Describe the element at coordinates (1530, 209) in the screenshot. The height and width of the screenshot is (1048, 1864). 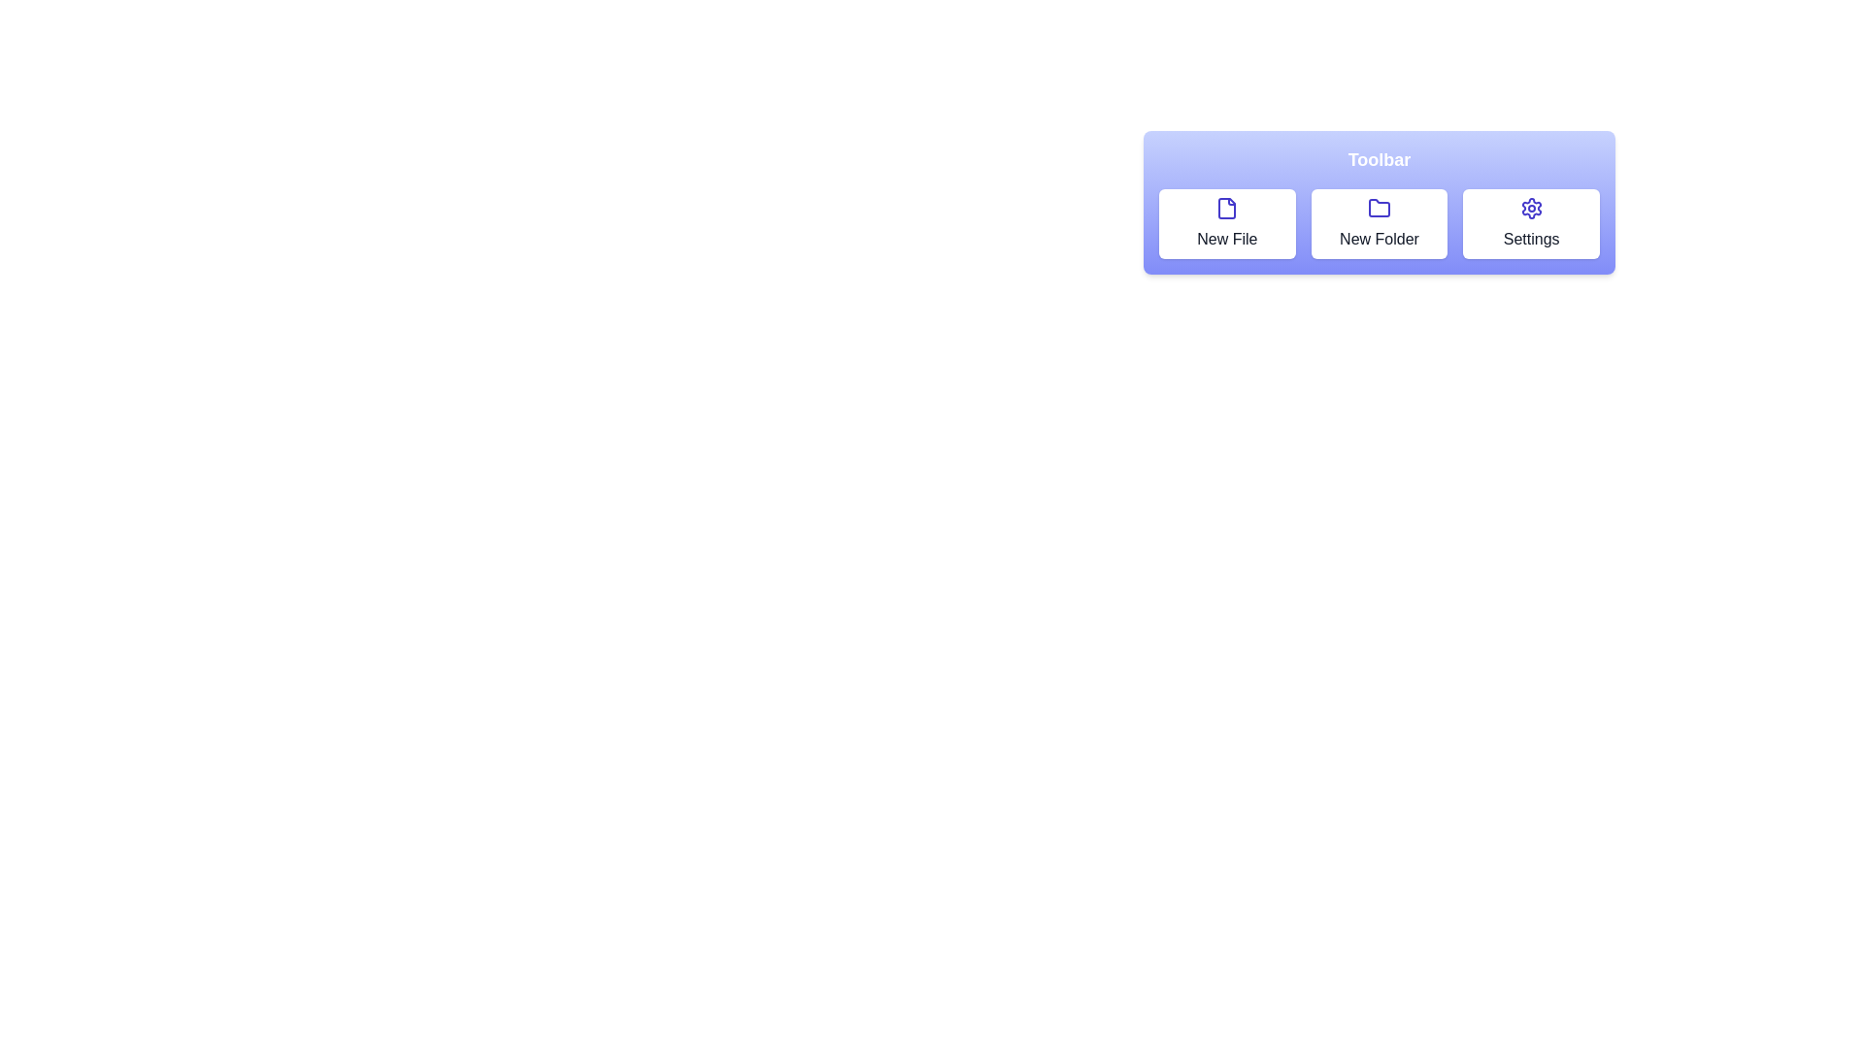
I see `the 'Settings' icon, which is the third icon from the left in the toolbar group` at that location.